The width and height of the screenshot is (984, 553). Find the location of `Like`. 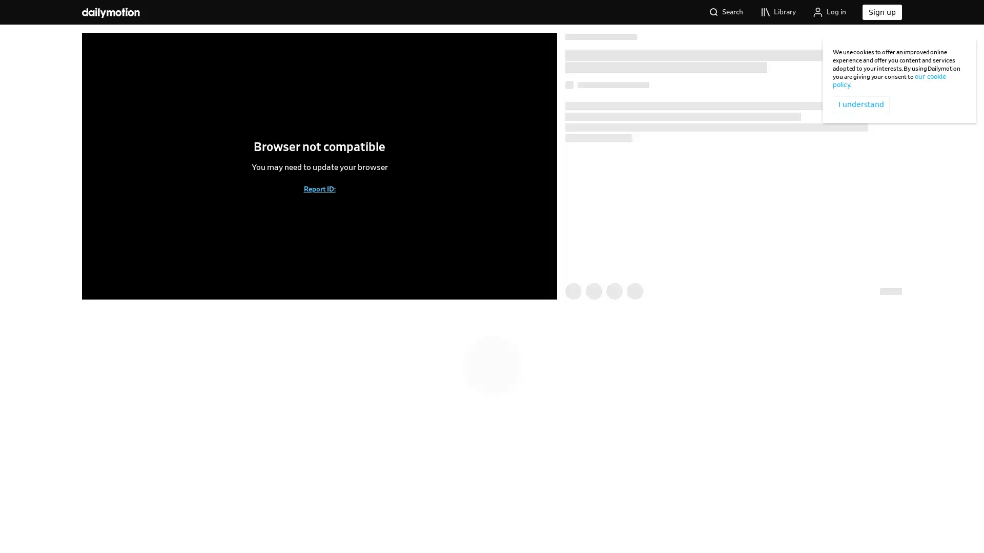

Like is located at coordinates (572, 259).